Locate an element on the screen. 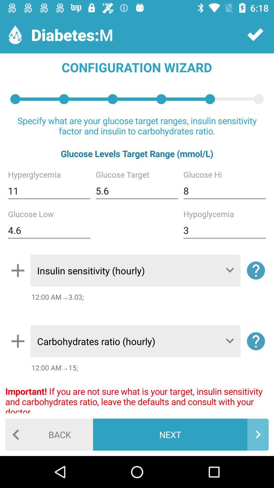 The image size is (274, 488). the help icon is located at coordinates (256, 270).